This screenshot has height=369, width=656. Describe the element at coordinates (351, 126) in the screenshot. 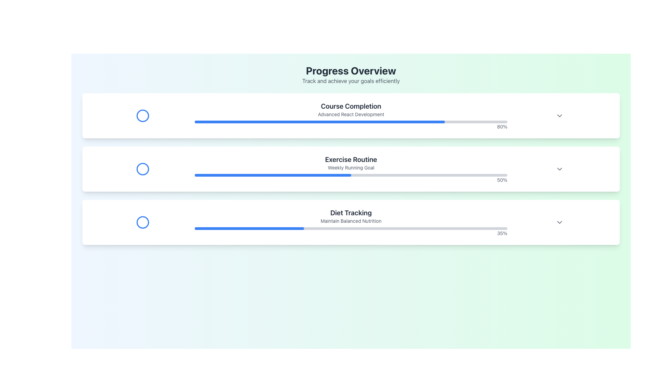

I see `the Text Display (Percentage Value) showing '80%' which is aligned to the right side of the progress bar in the 'Course Completion' section` at that location.